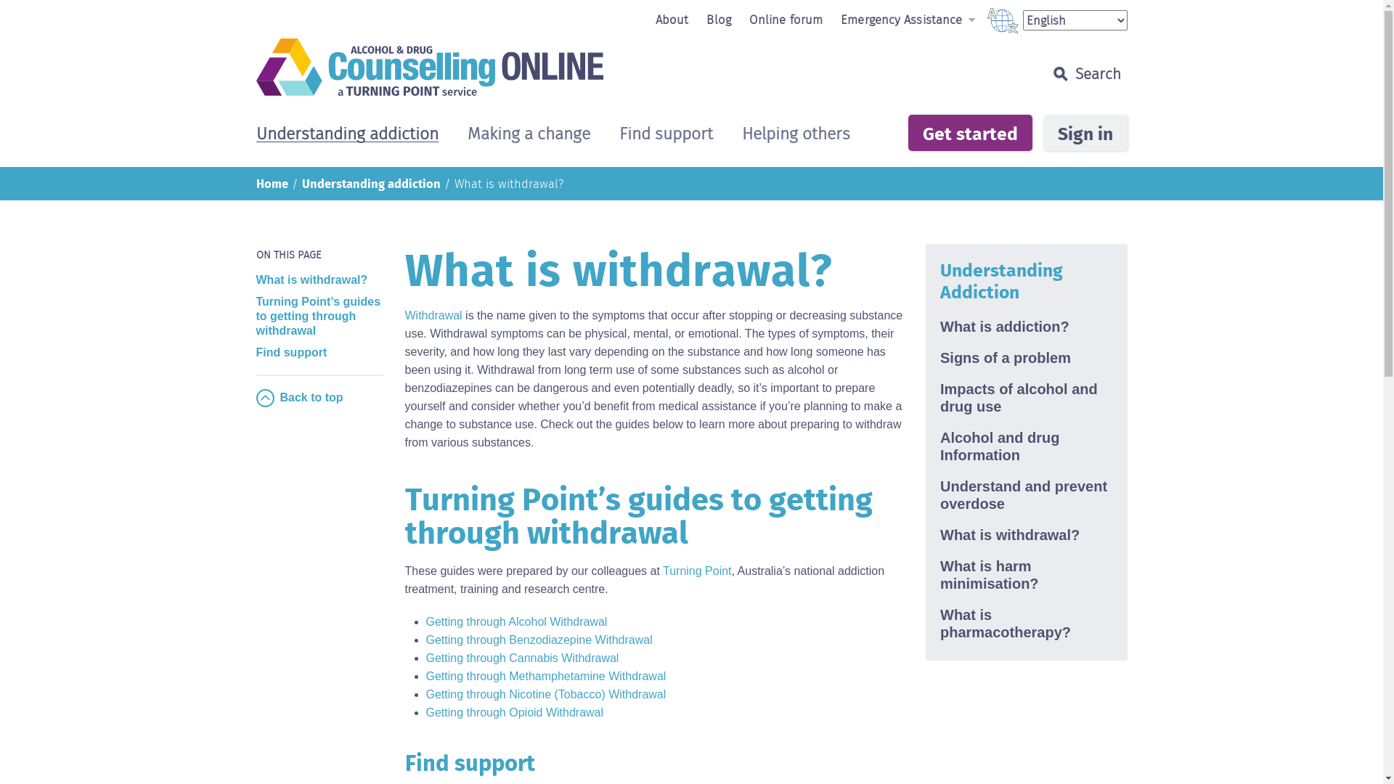  Describe the element at coordinates (940, 572) in the screenshot. I see `'What is harm minimisation?'` at that location.